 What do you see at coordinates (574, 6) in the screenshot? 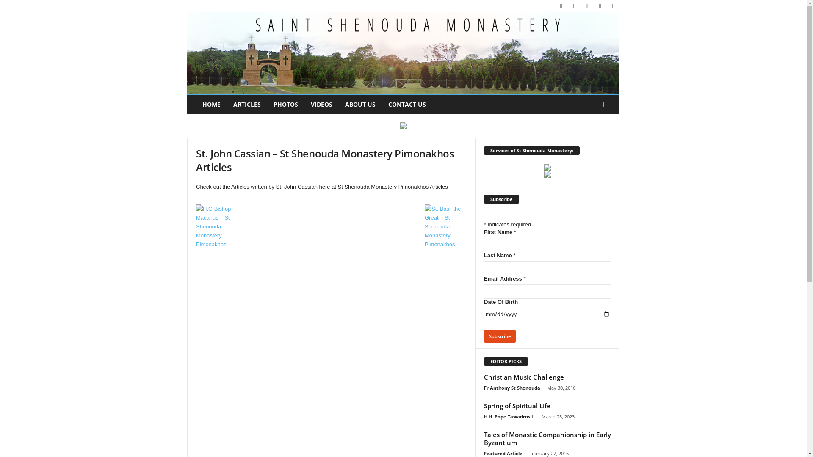
I see `'Instagram'` at bounding box center [574, 6].